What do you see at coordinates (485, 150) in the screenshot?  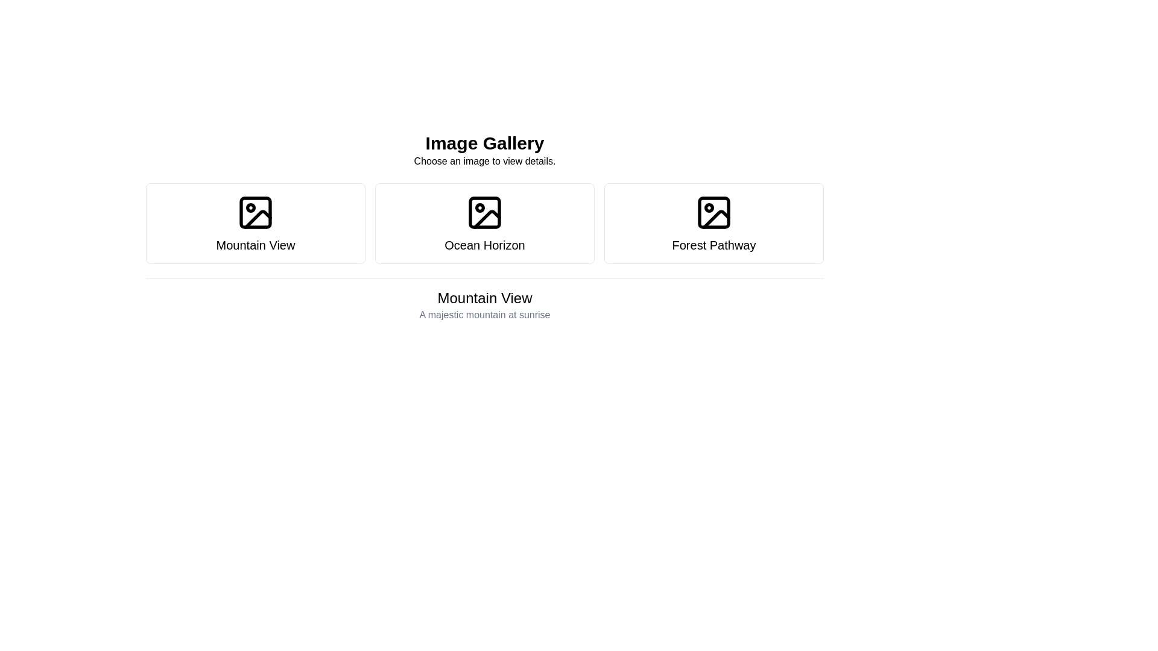 I see `the Text Block (Title and Subtitle) that contains 'Image Gallery' and 'Choose an image` at bounding box center [485, 150].